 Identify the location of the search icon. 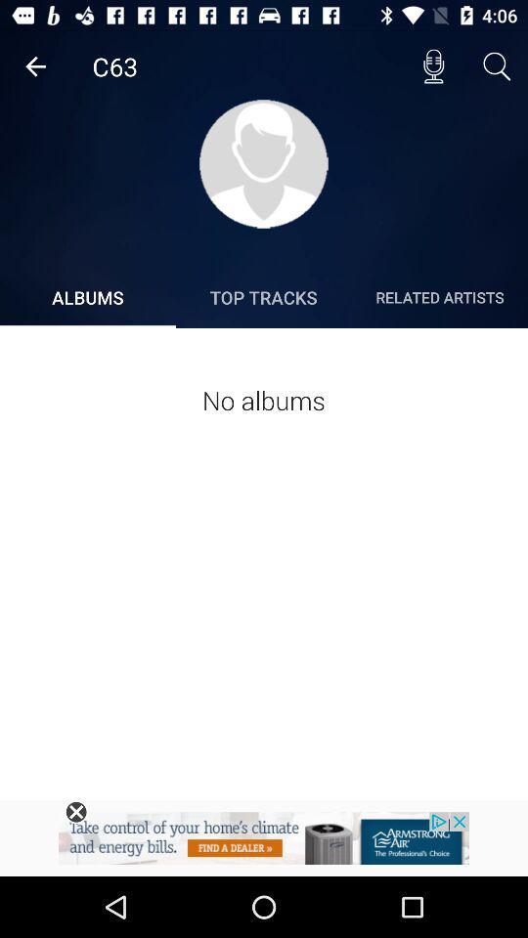
(497, 66).